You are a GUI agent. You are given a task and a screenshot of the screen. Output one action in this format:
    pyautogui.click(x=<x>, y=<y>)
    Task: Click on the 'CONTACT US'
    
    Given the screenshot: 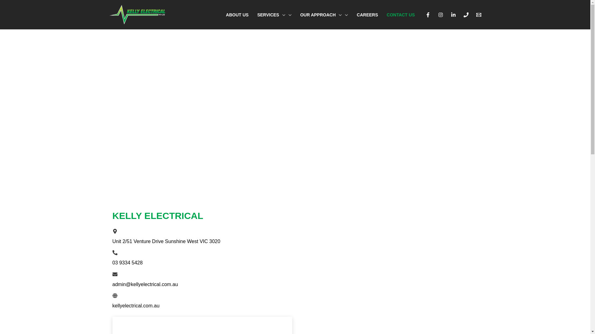 What is the action you would take?
    pyautogui.click(x=401, y=14)
    